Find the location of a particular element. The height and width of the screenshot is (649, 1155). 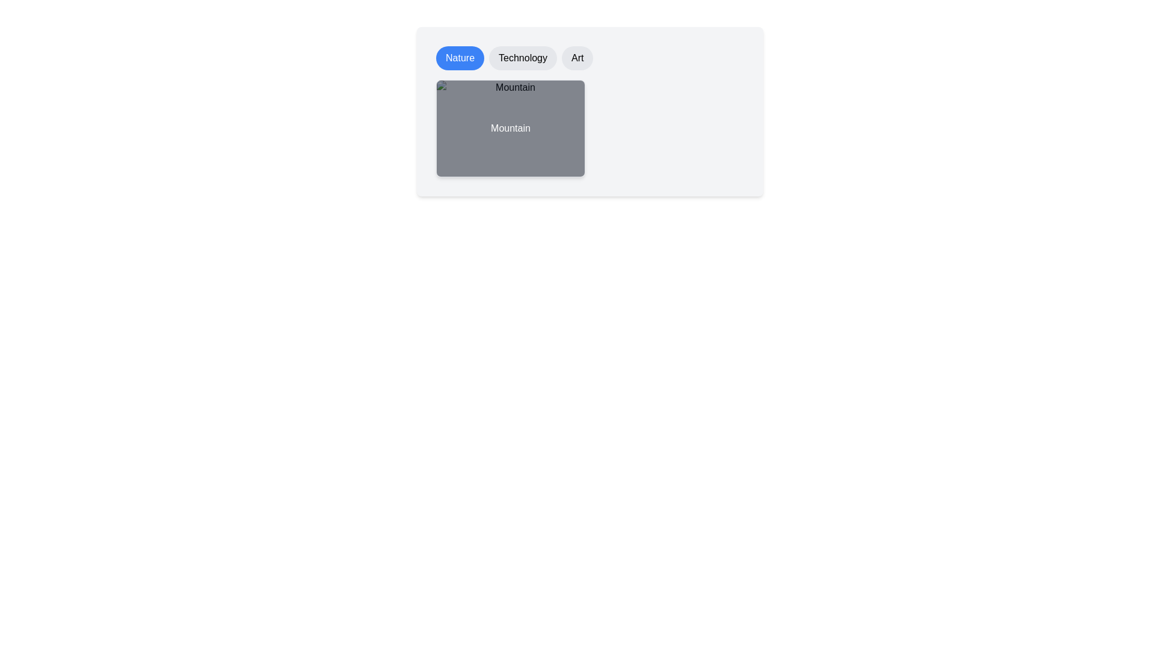

the category Art to view the corresponding images is located at coordinates (577, 58).